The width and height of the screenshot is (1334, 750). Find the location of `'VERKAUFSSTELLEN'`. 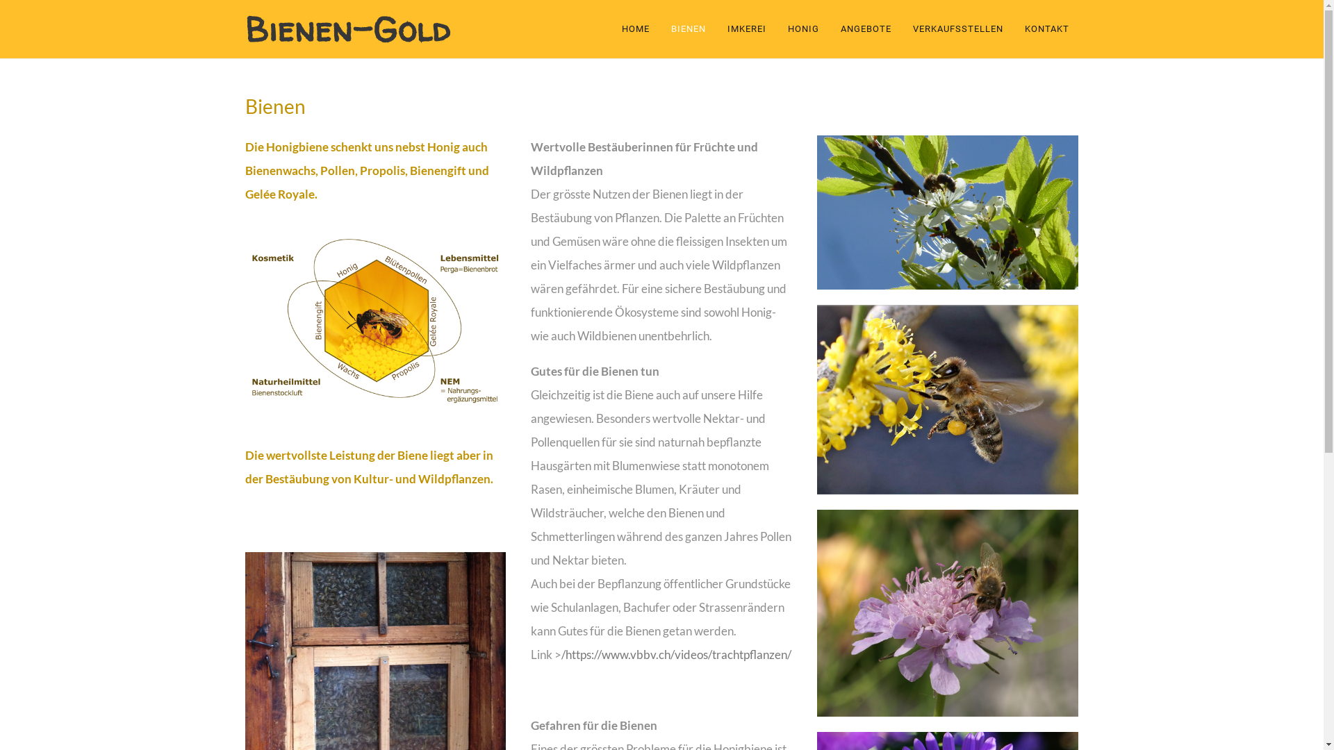

'VERKAUFSSTELLEN' is located at coordinates (903, 29).